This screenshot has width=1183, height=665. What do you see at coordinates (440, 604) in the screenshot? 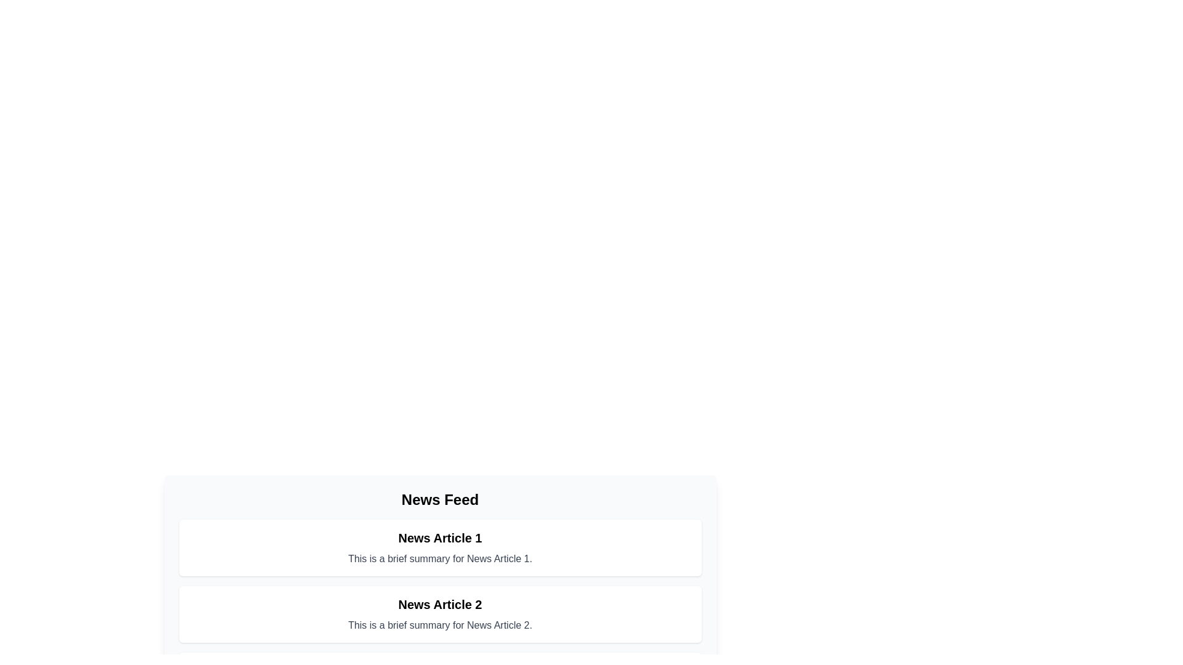
I see `the Text Label that serves as the title for the content block in the second content block of the news feed section` at bounding box center [440, 604].